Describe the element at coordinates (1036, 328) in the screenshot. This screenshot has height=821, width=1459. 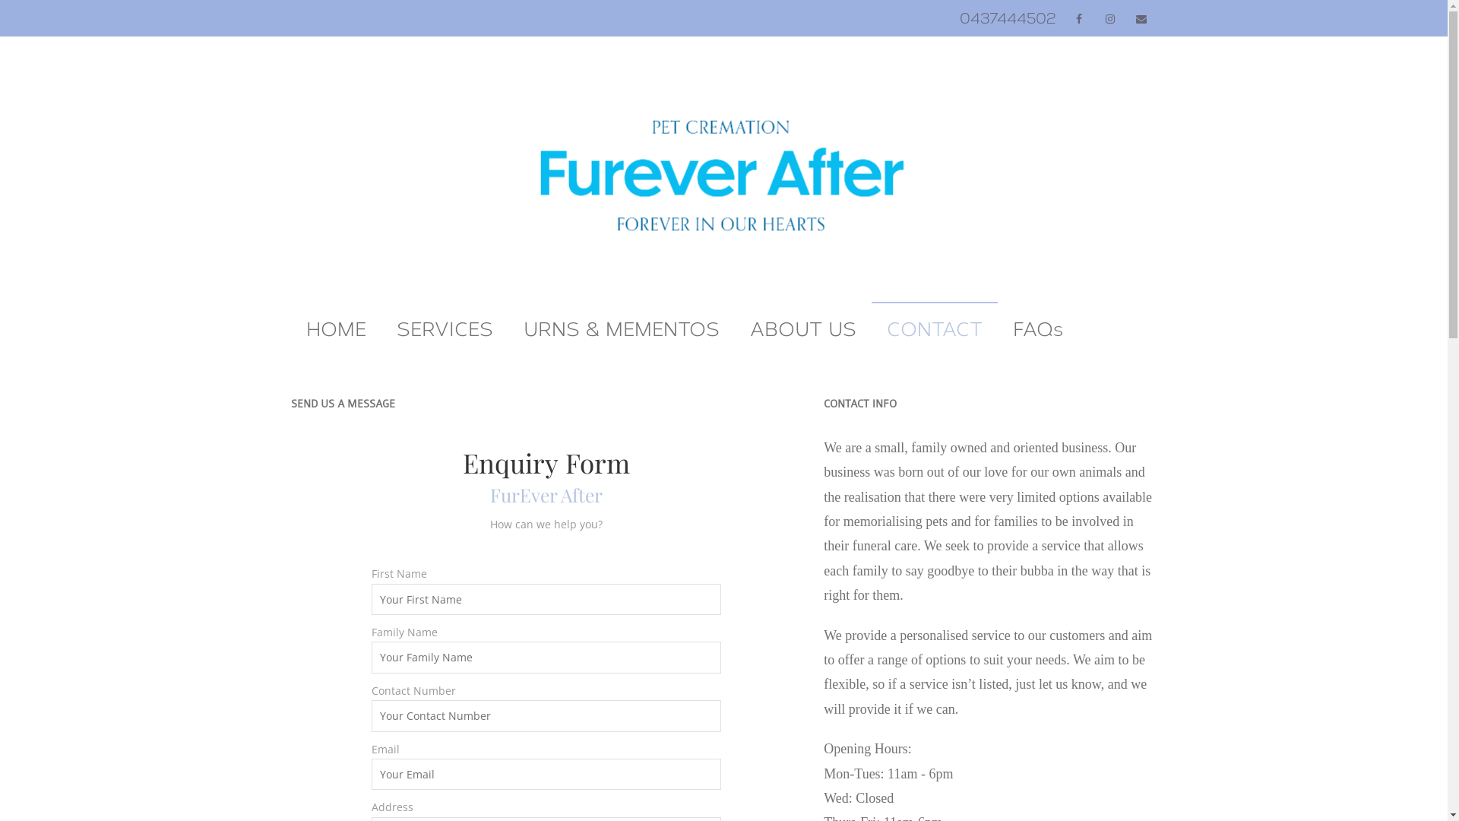
I see `'FAQs'` at that location.